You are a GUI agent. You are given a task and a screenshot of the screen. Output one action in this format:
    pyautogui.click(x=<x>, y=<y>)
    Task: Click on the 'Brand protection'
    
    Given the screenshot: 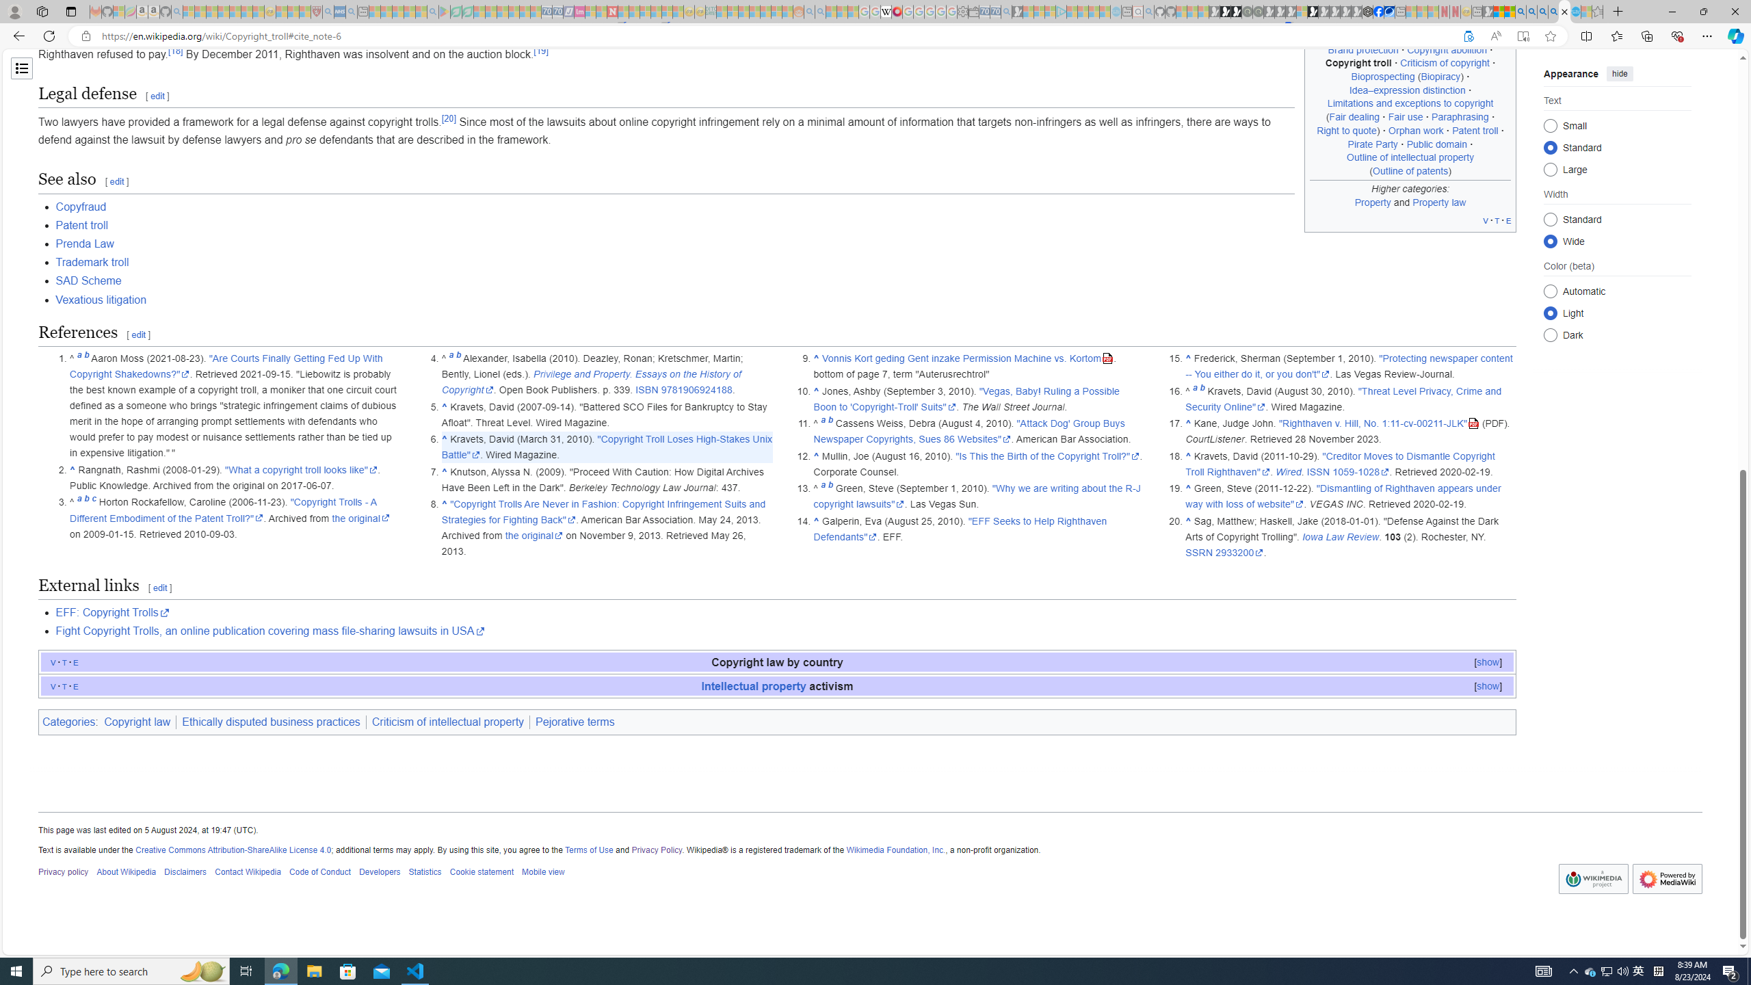 What is the action you would take?
    pyautogui.click(x=1362, y=49)
    